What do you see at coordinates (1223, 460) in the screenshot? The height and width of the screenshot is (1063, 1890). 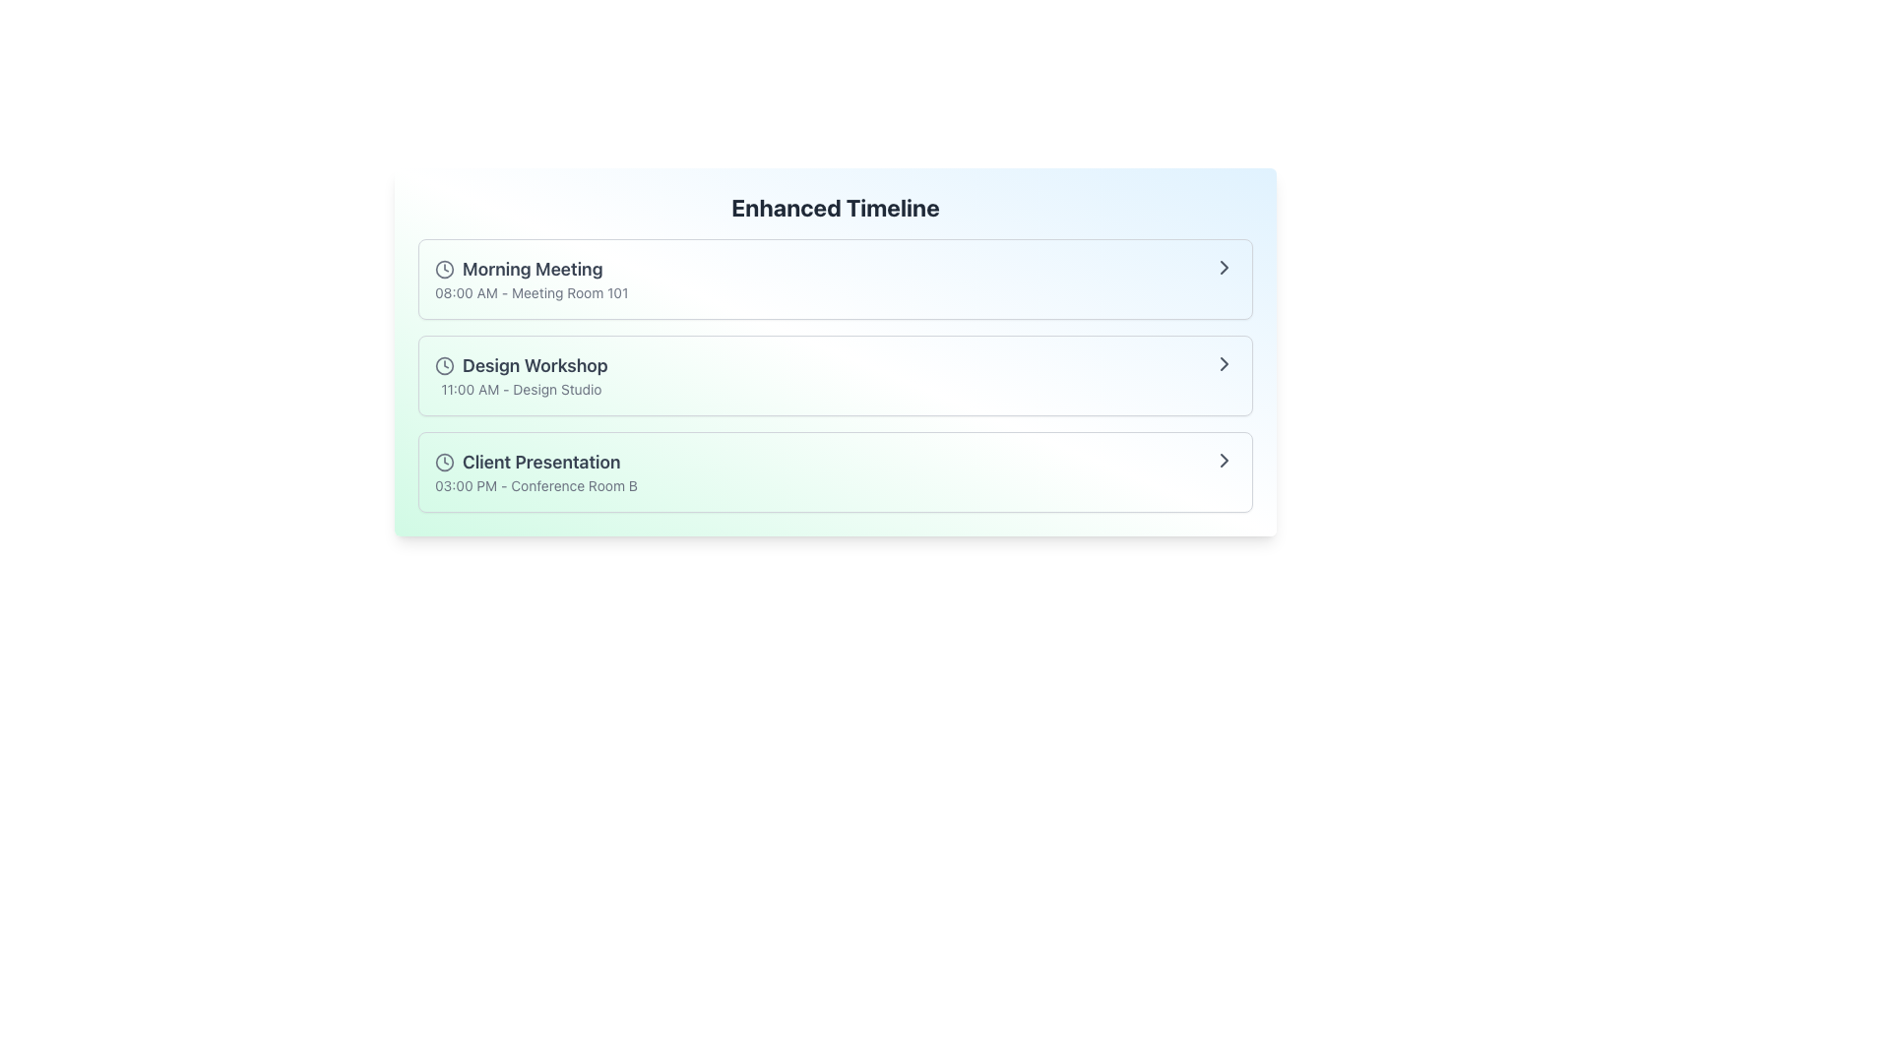 I see `the dark gray right-pointing chevron icon button located at the far right end of the row for 'Client Presentation'` at bounding box center [1223, 460].